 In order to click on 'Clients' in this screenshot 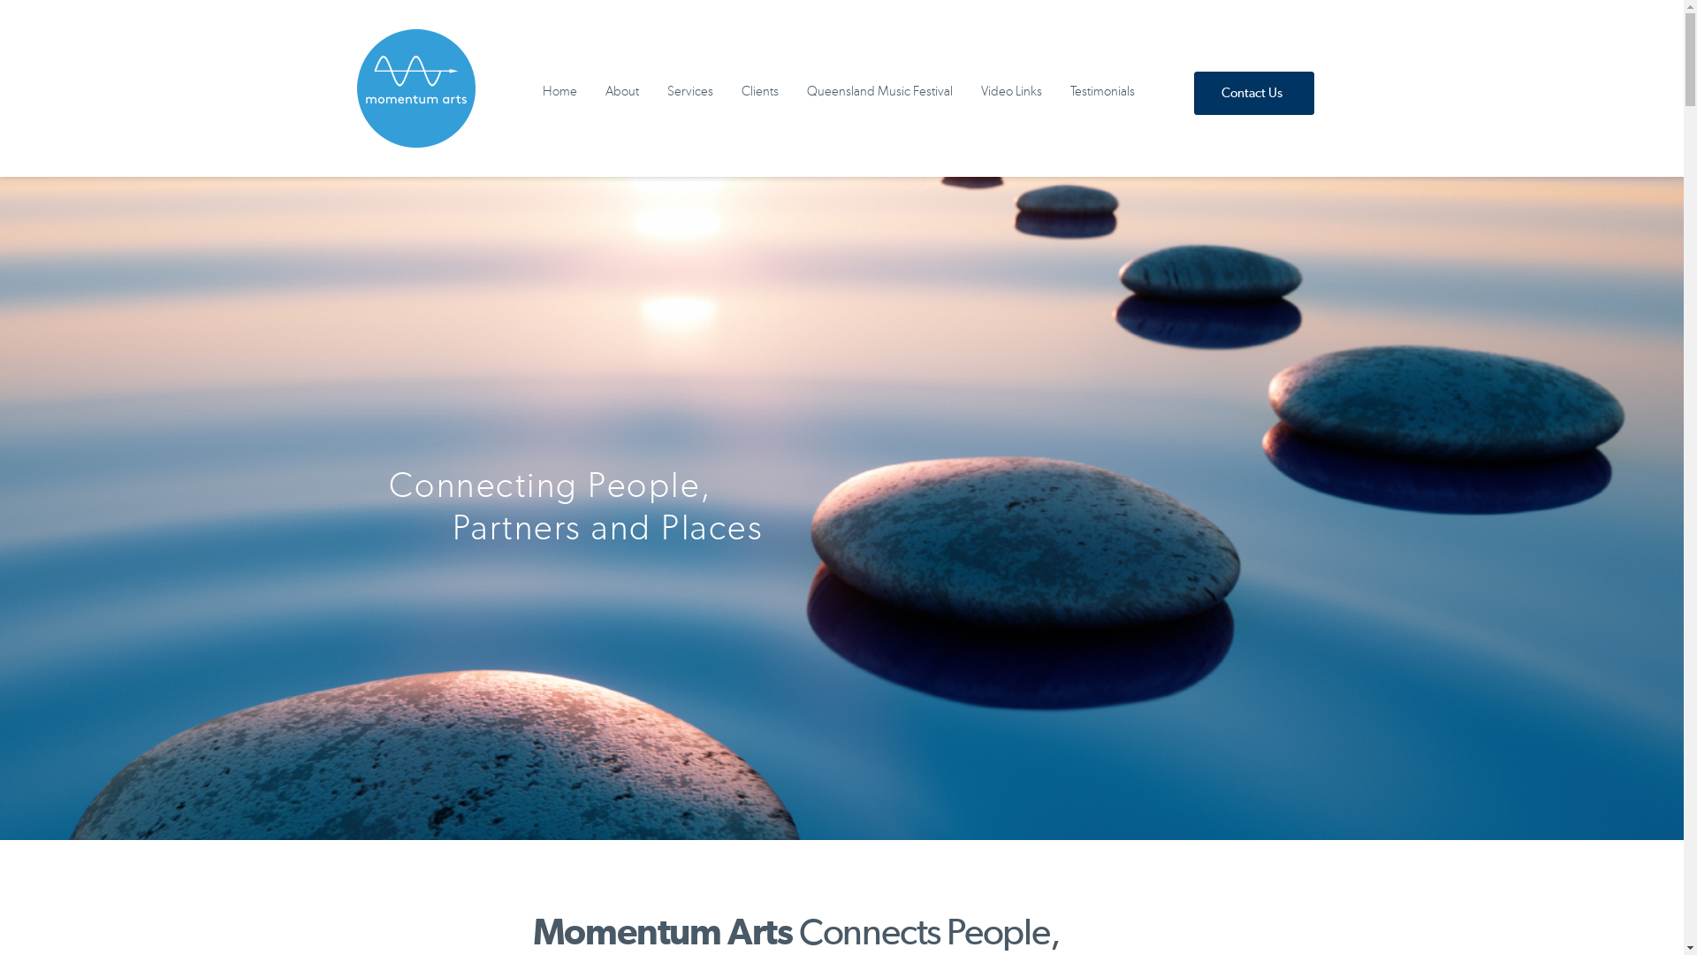, I will do `click(759, 92)`.